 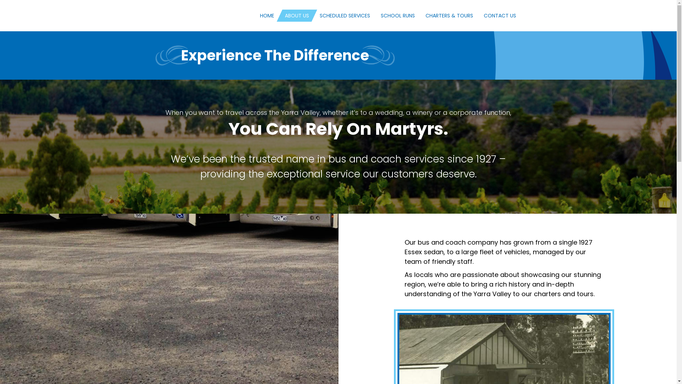 What do you see at coordinates (294, 15) in the screenshot?
I see `'ABOUT US'` at bounding box center [294, 15].